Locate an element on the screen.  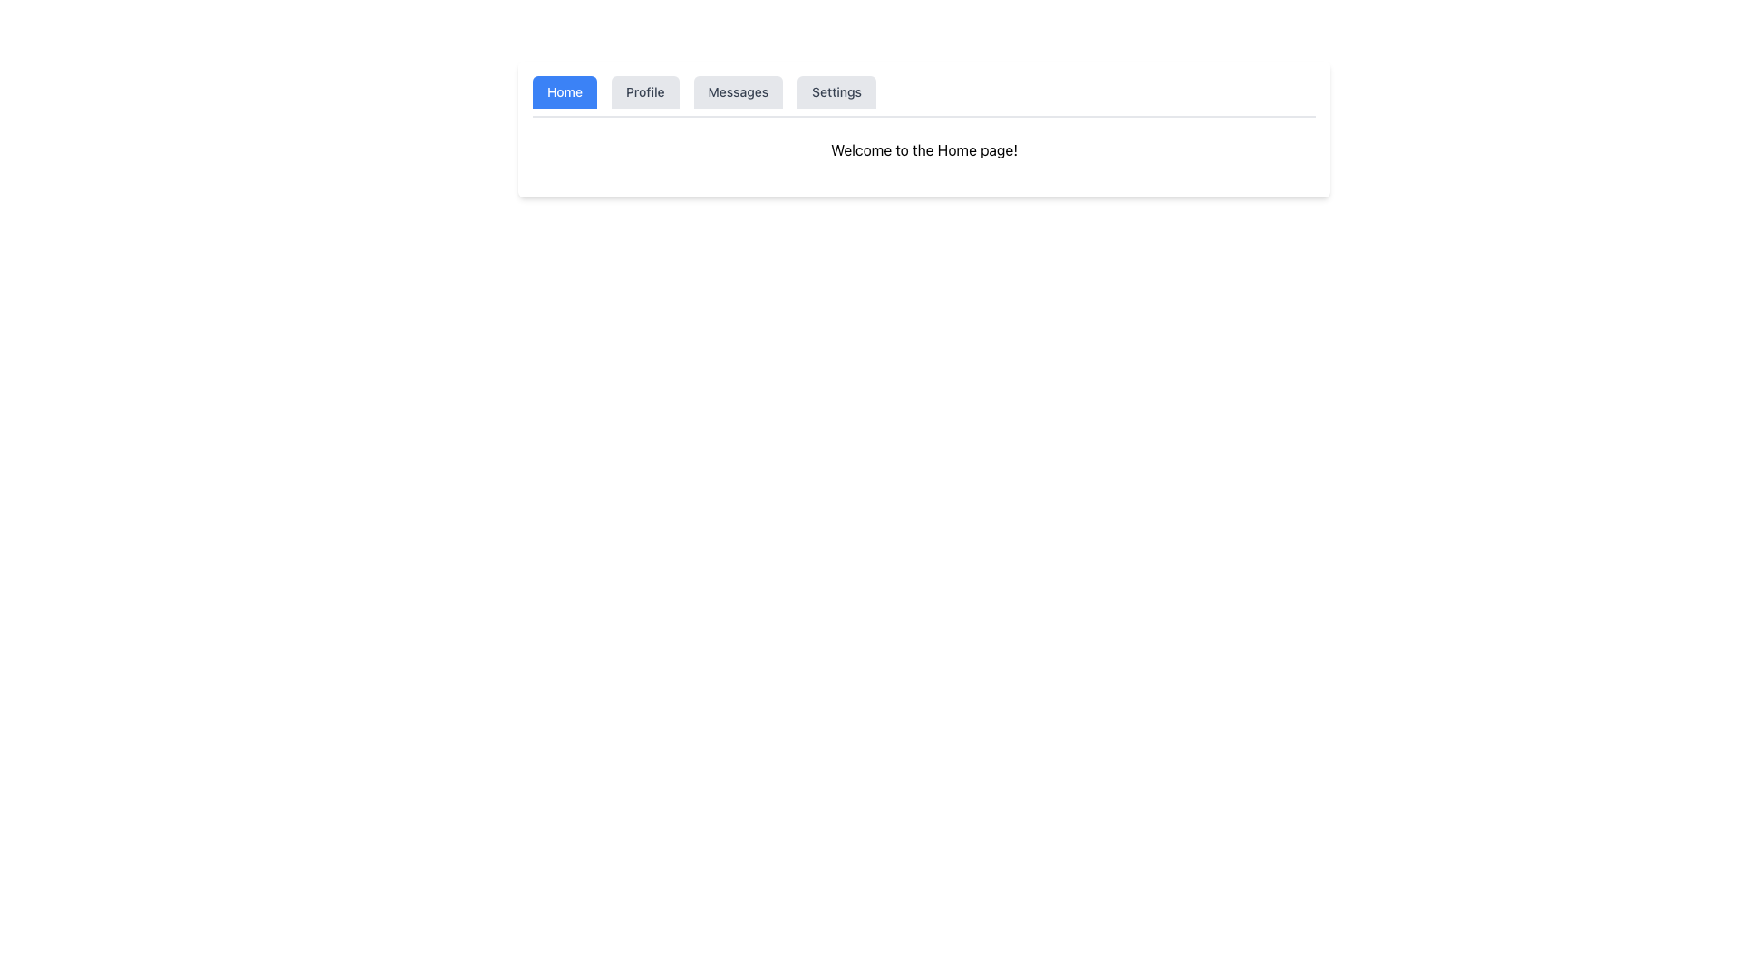
the 'Settings' button located in the top center navigation bar, which has a gray background and rounded corners is located at coordinates (836, 91).